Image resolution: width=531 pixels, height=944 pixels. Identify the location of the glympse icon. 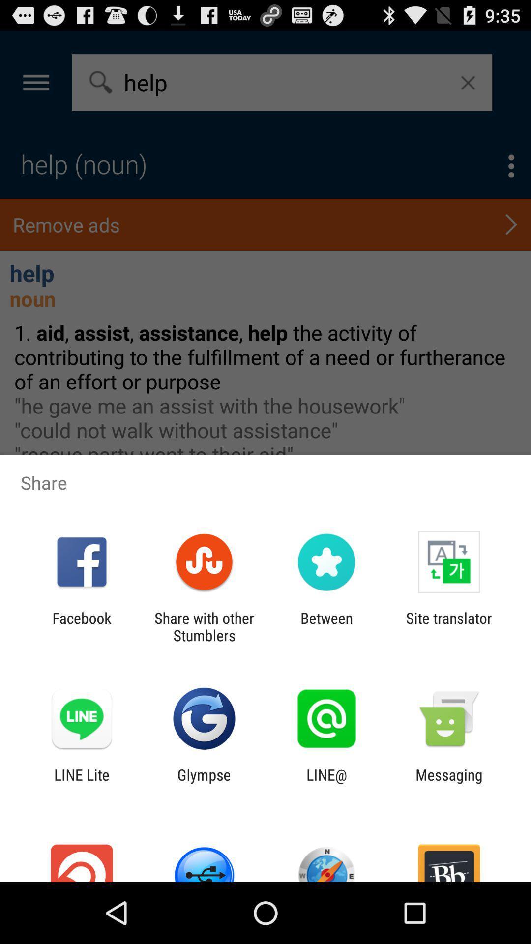
(204, 783).